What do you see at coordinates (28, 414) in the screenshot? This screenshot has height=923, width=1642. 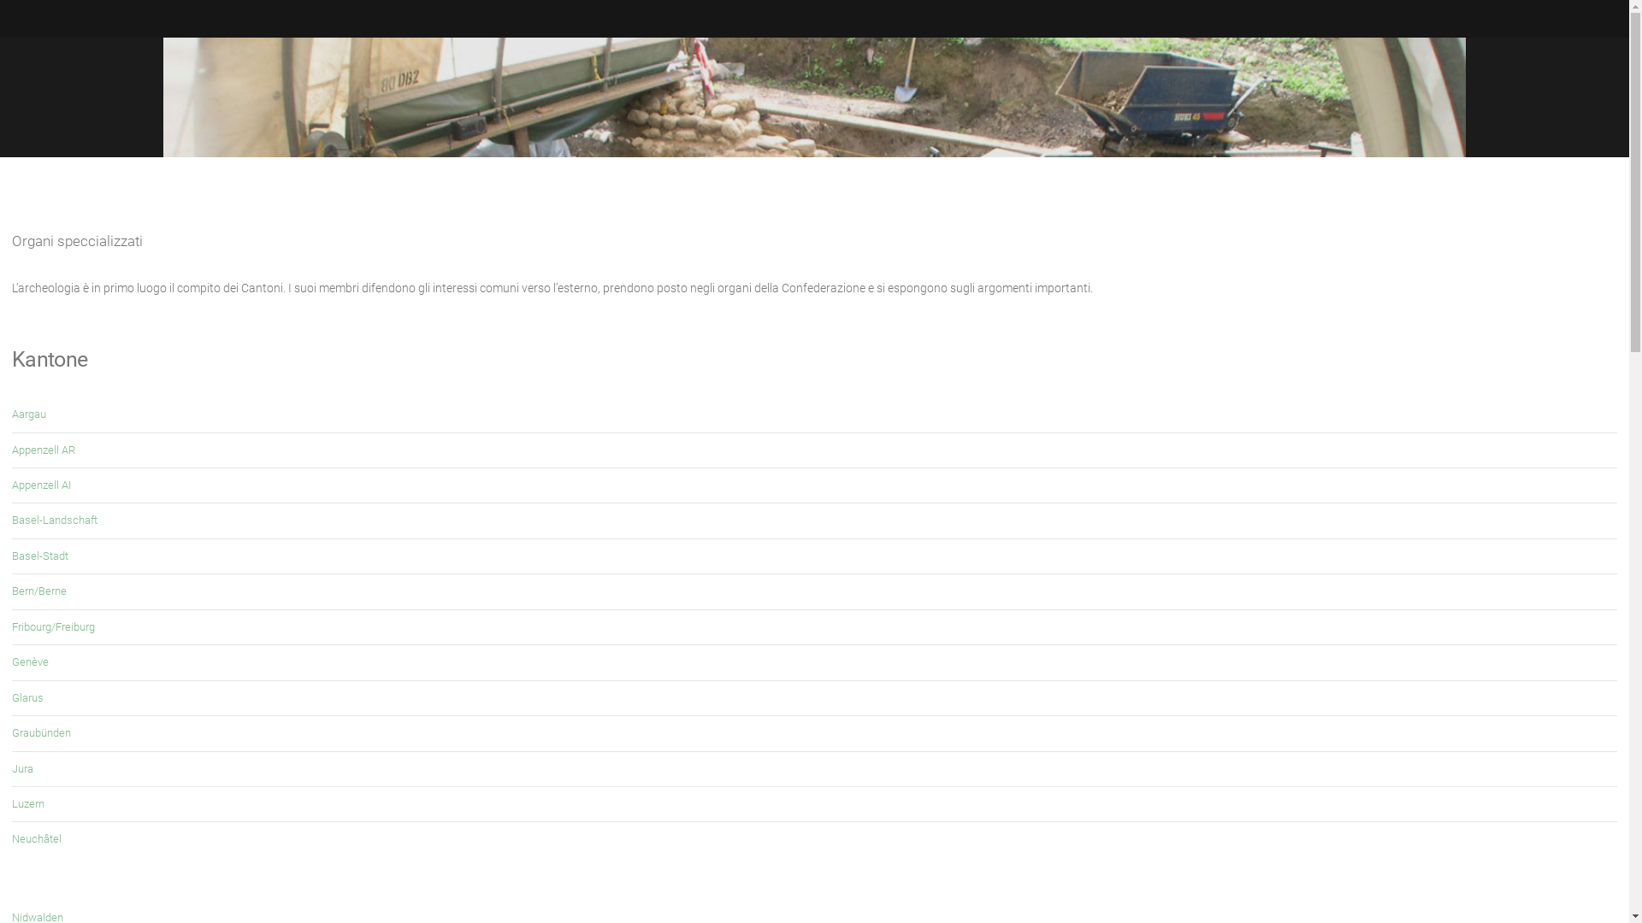 I see `'Aargau'` at bounding box center [28, 414].